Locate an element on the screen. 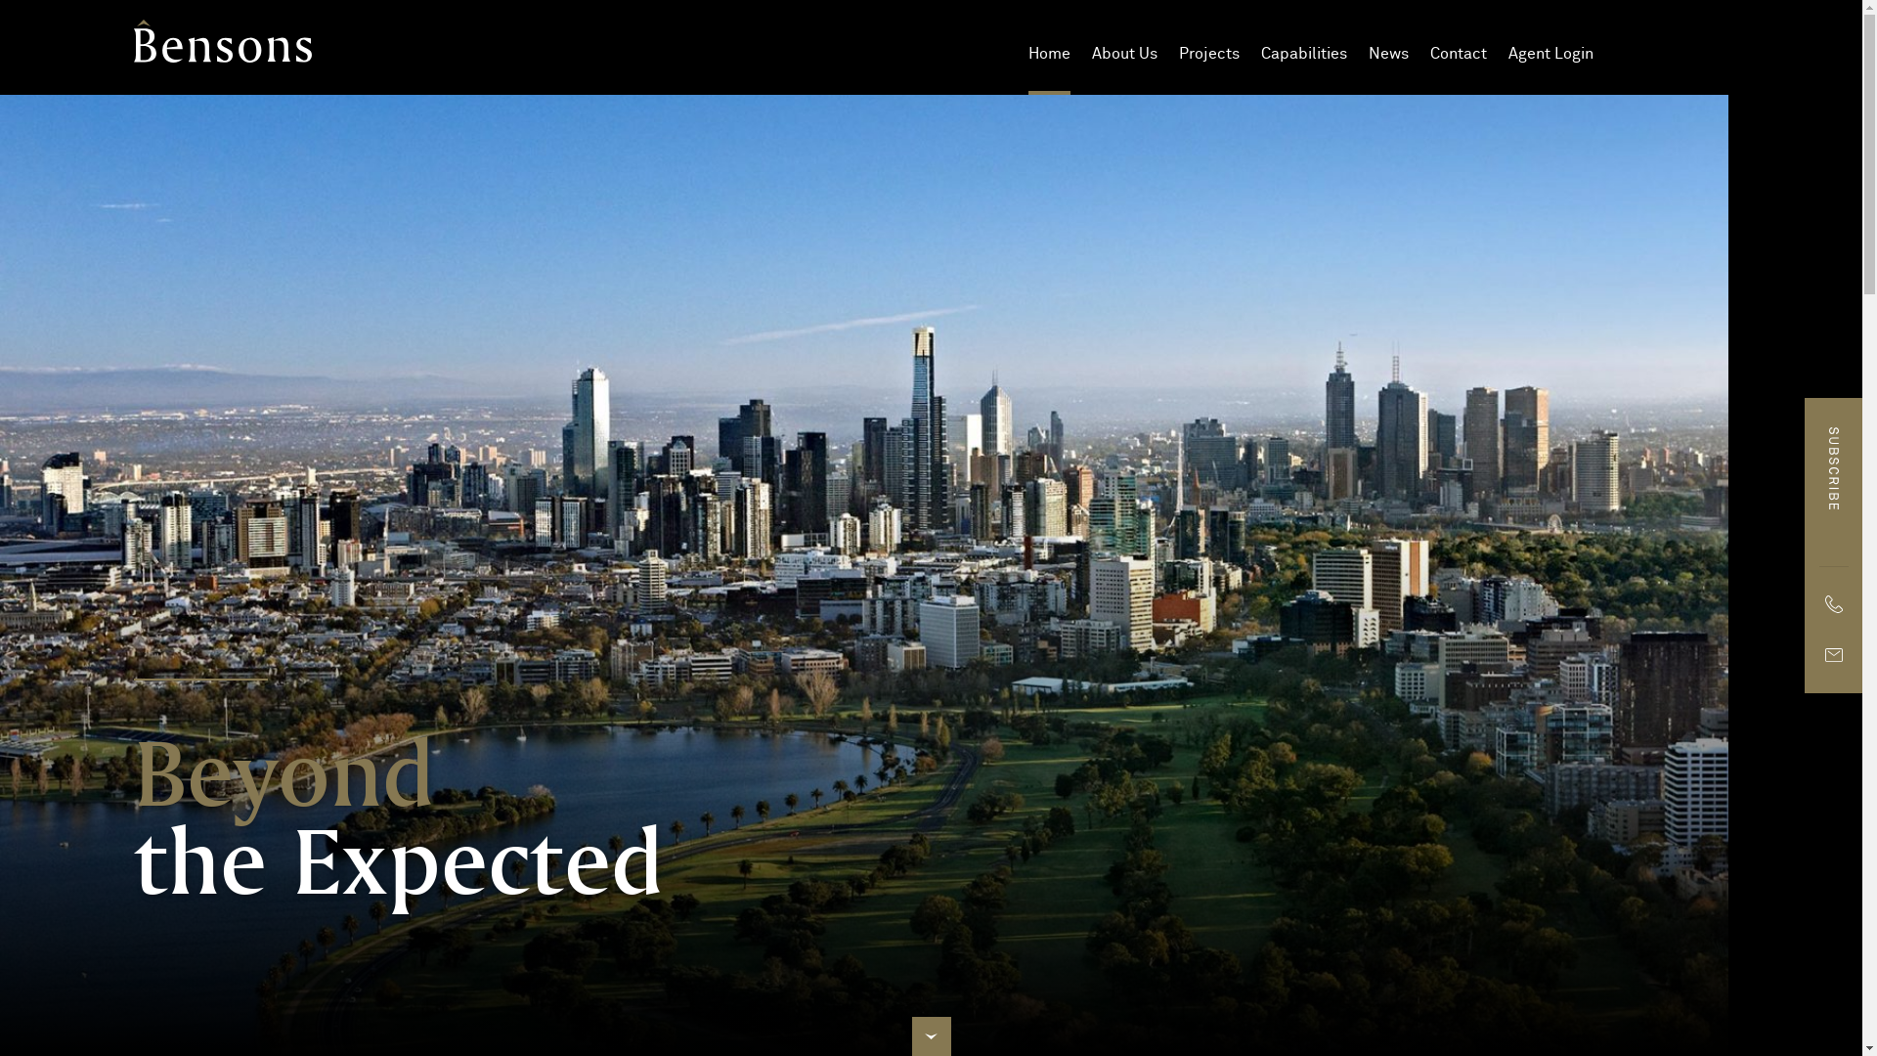 This screenshot has width=1877, height=1056. 'News' is located at coordinates (1368, 52).